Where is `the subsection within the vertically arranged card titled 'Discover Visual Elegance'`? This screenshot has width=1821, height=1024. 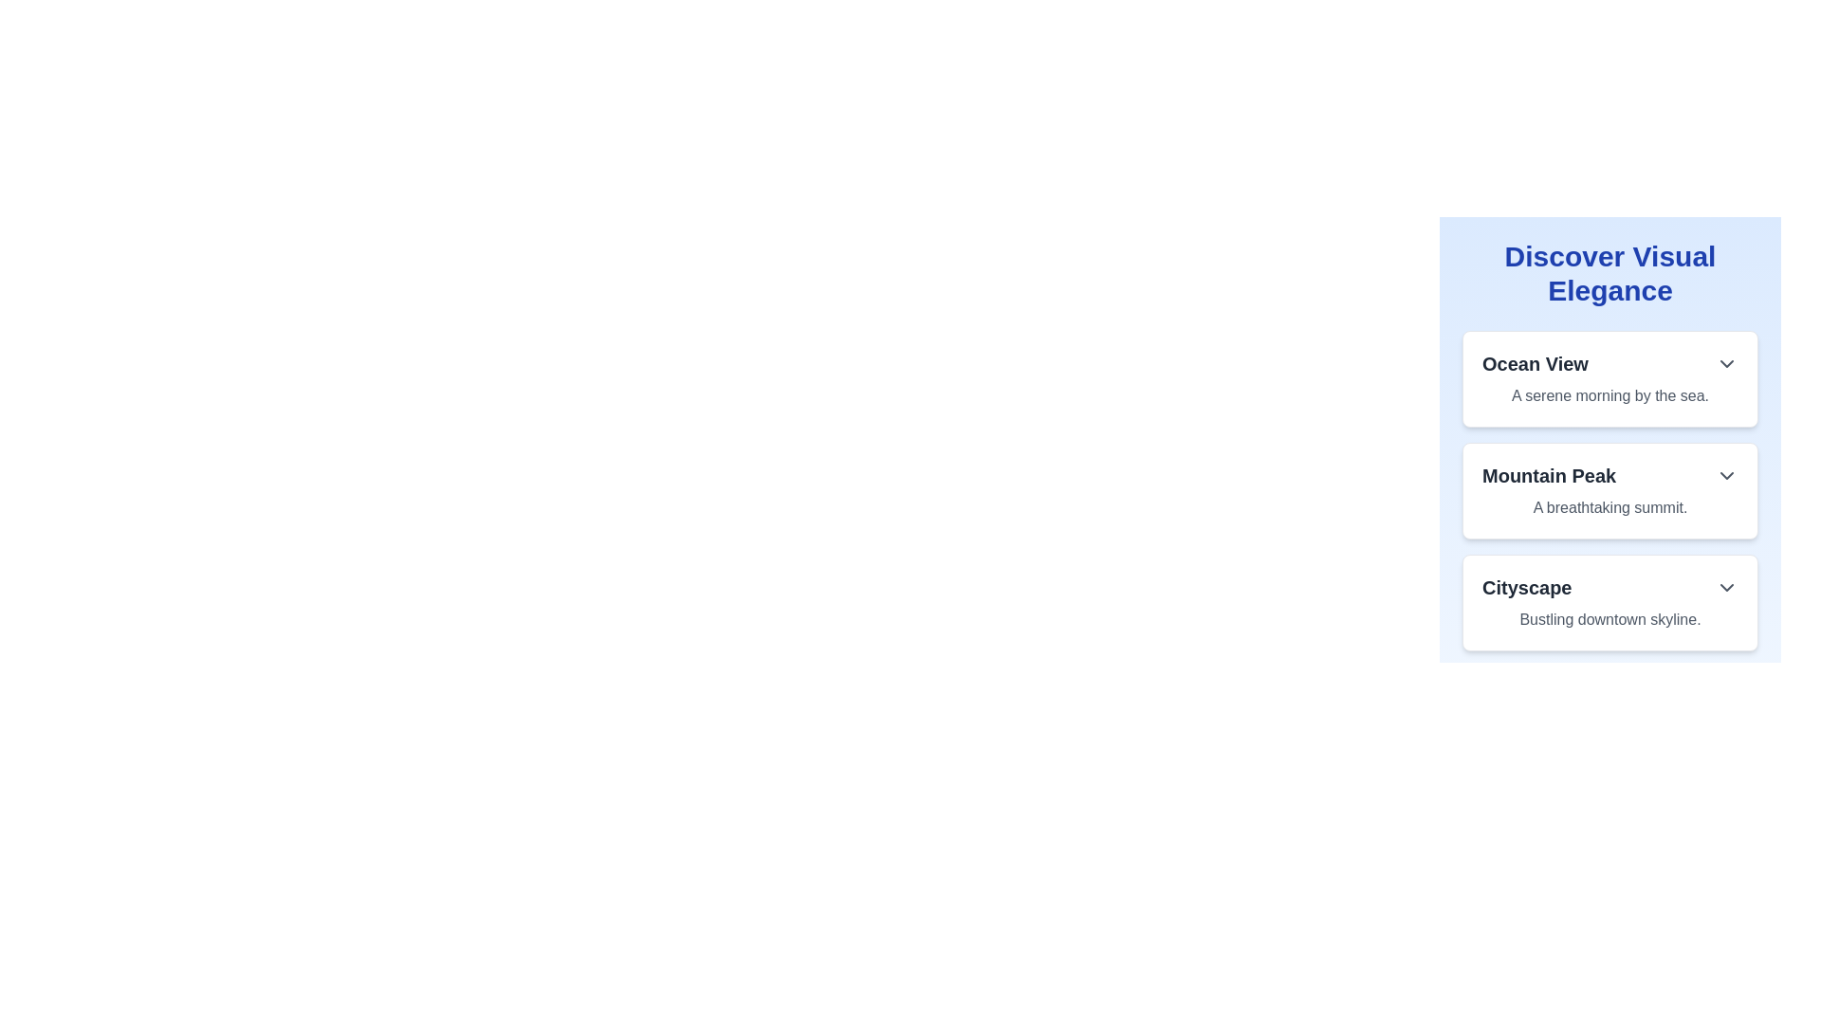
the subsection within the vertically arranged card titled 'Discover Visual Elegance' is located at coordinates (1609, 428).